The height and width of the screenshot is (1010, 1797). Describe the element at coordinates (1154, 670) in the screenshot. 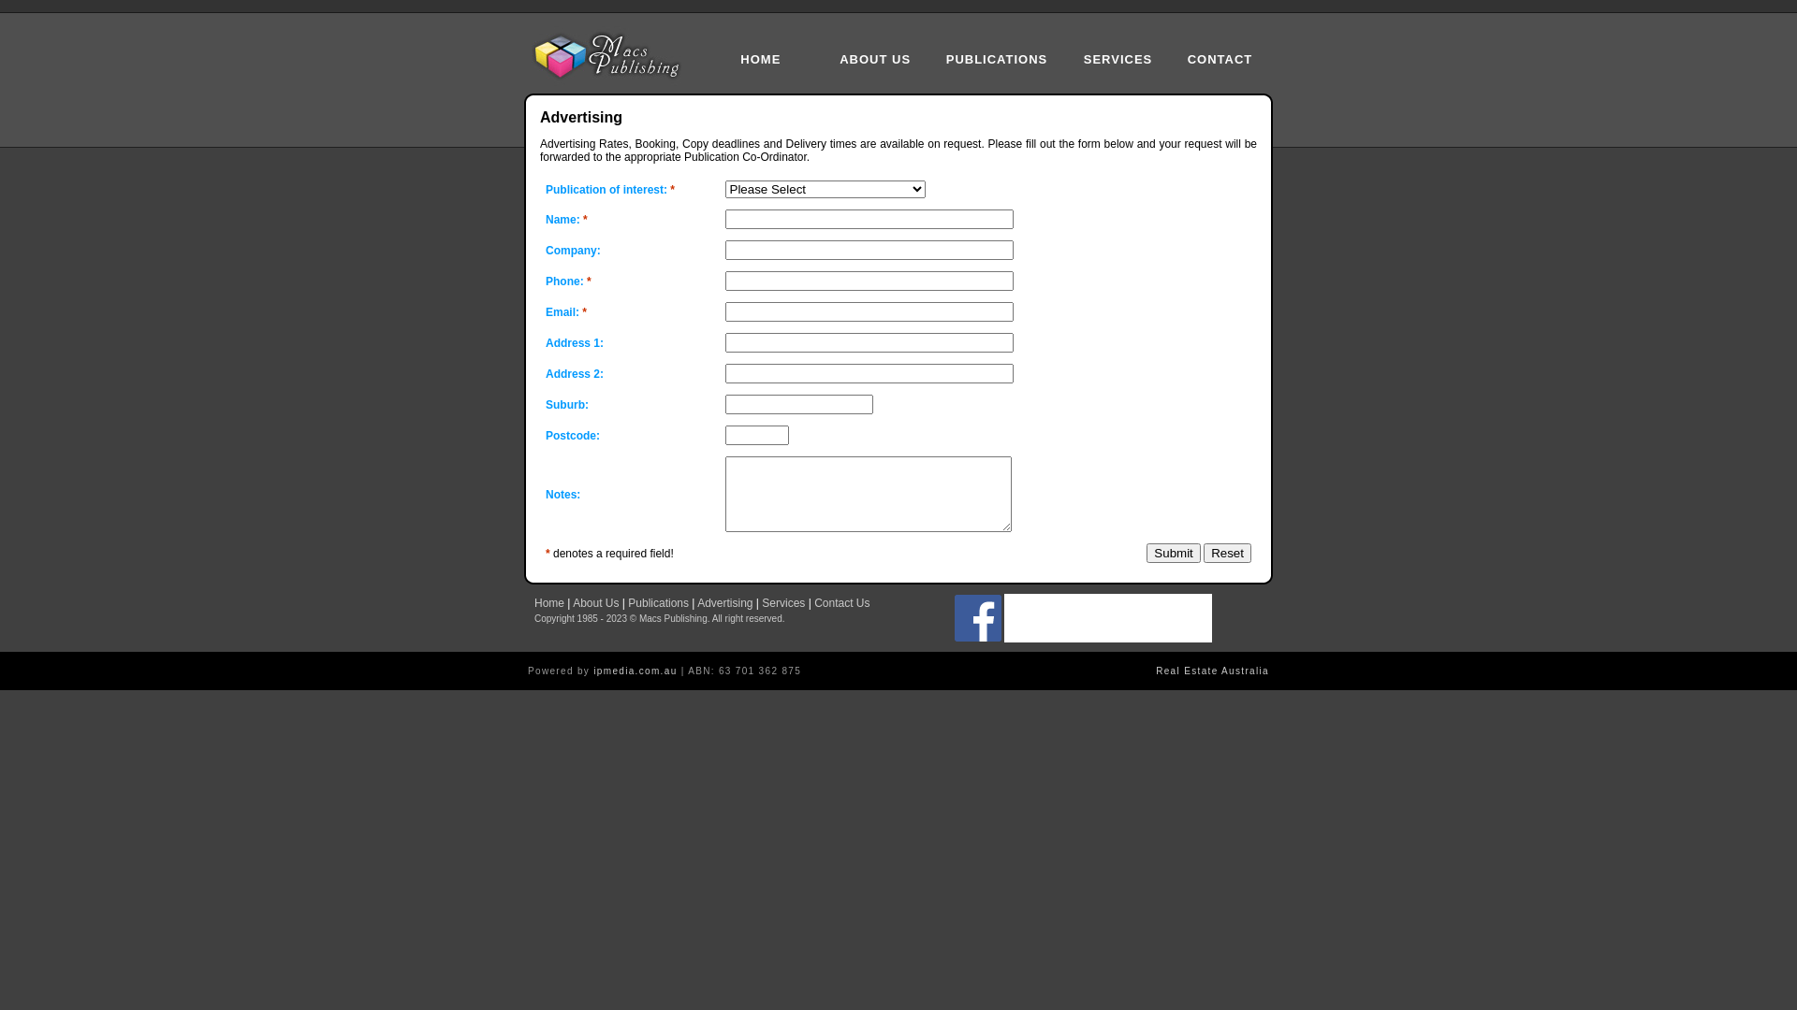

I see `'Real Estate Australia'` at that location.